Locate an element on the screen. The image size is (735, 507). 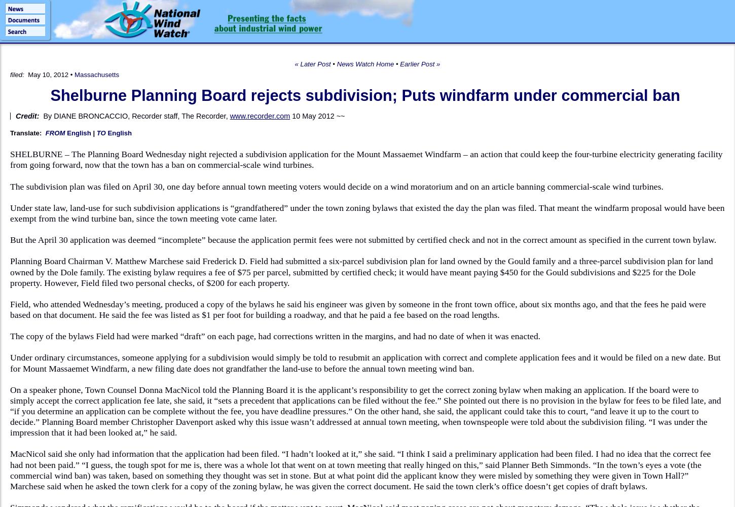
'The subdivision plan was filed on April 30, one day before annual town meeting voters would decide on a wind moratorium and on an article banning commercial-scale wind turbines.' is located at coordinates (336, 186).